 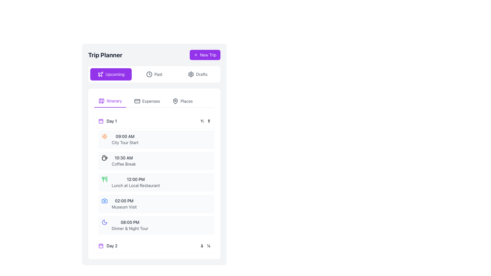 What do you see at coordinates (124, 160) in the screenshot?
I see `details of the text-based event item in the itinerary that displays '10:30 AM' and 'Coffee Break', which is the second item under 'Day 1'` at bounding box center [124, 160].